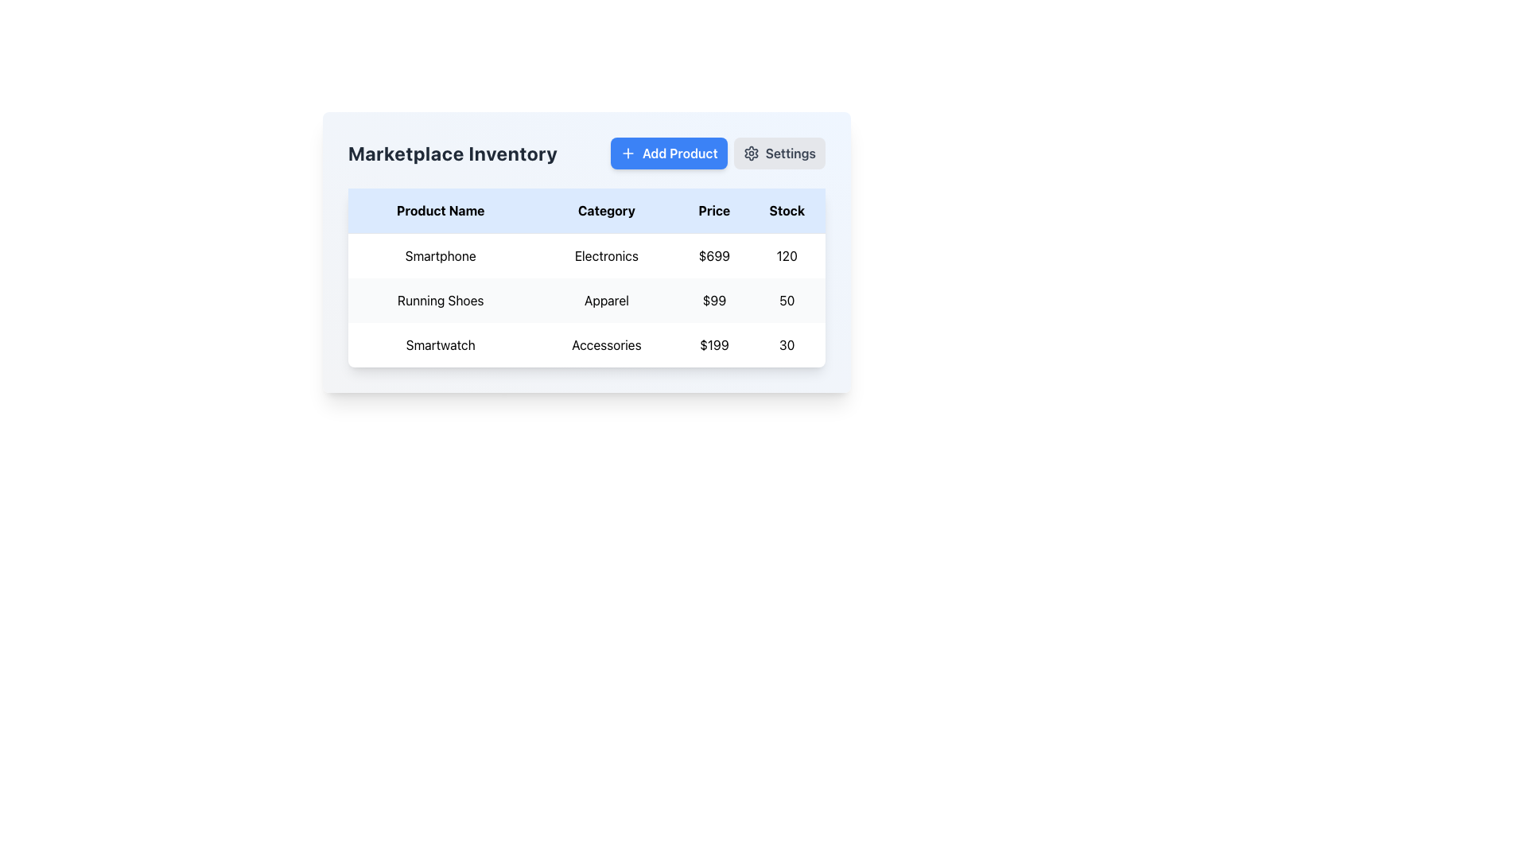 The width and height of the screenshot is (1527, 859). I want to click on the Table Header Row of the Marketplace Inventory, so click(586, 210).